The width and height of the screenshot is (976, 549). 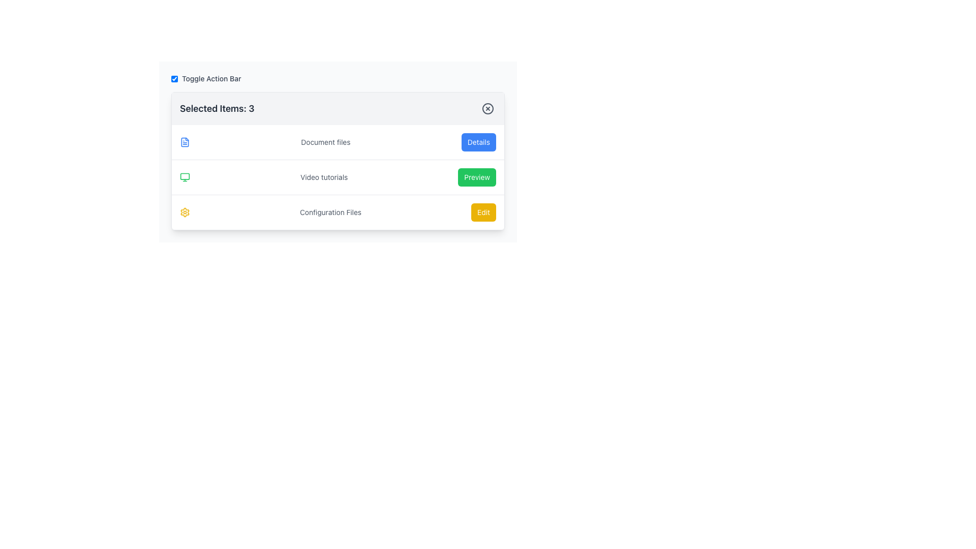 What do you see at coordinates (211, 78) in the screenshot?
I see `the static text label that communicates the purpose of a toggle functionality, which is located above the section labeled 'Selected Items: 3' and adjacent to a checkbox on its left` at bounding box center [211, 78].